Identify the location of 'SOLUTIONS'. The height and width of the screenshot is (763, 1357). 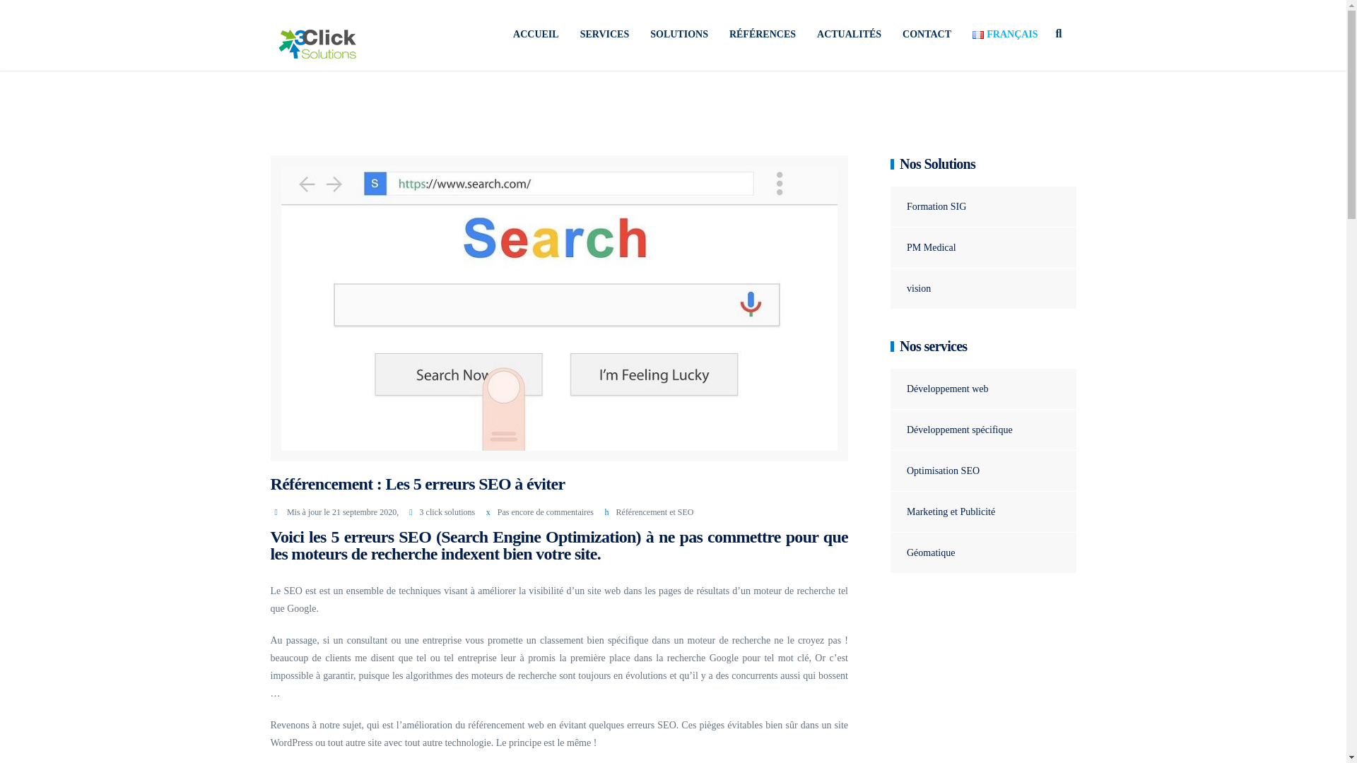
(678, 34).